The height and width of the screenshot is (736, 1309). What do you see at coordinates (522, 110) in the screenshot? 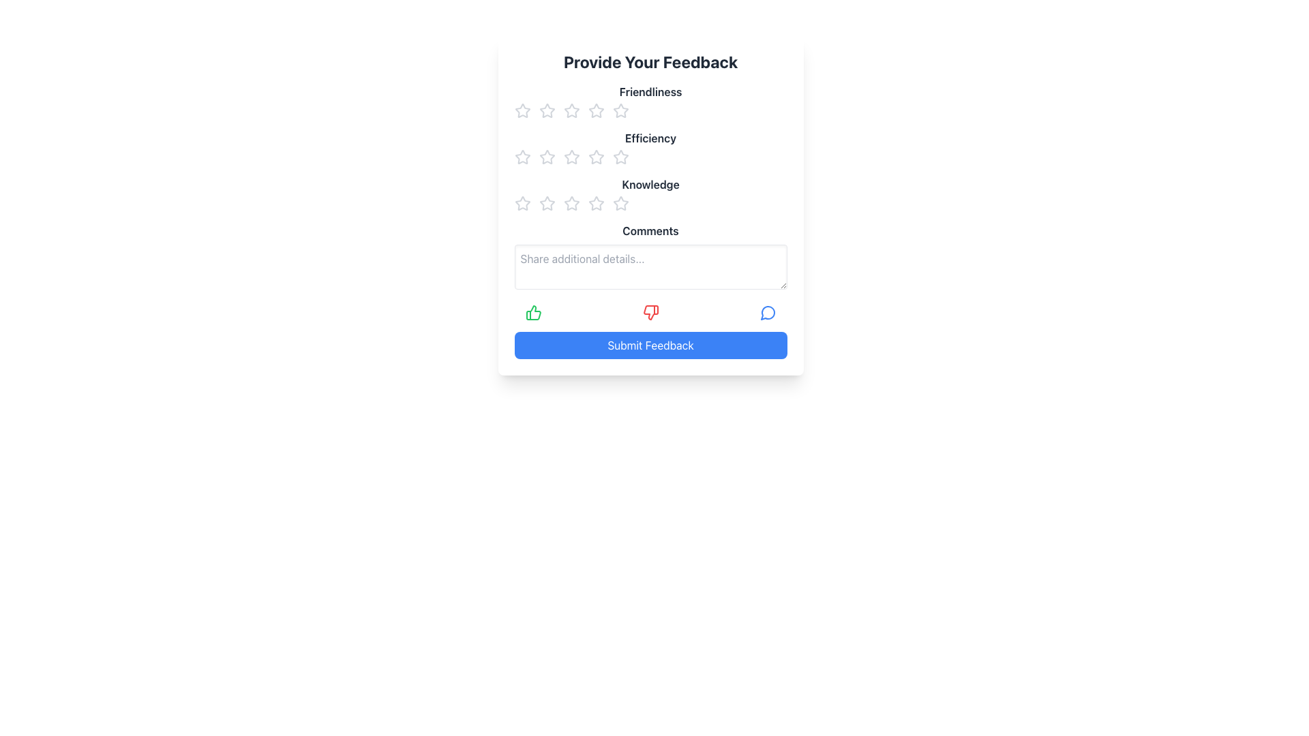
I see `the leftmost star icon in the first row of the Star Rating Component for the 'Friendliness' category` at bounding box center [522, 110].